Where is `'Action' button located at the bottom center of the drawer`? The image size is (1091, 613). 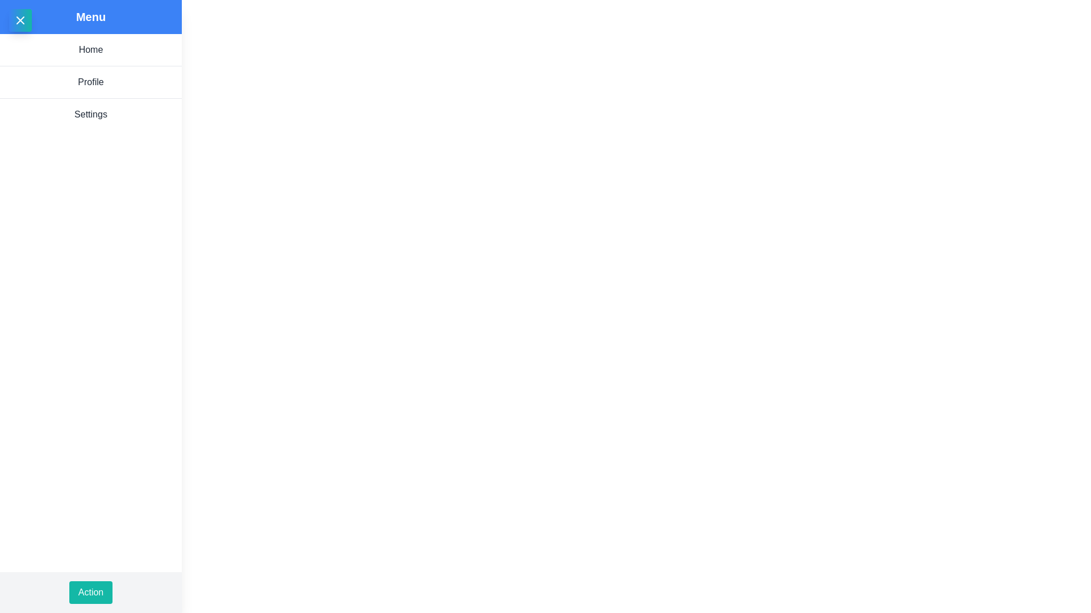
'Action' button located at the bottom center of the drawer is located at coordinates (90, 592).